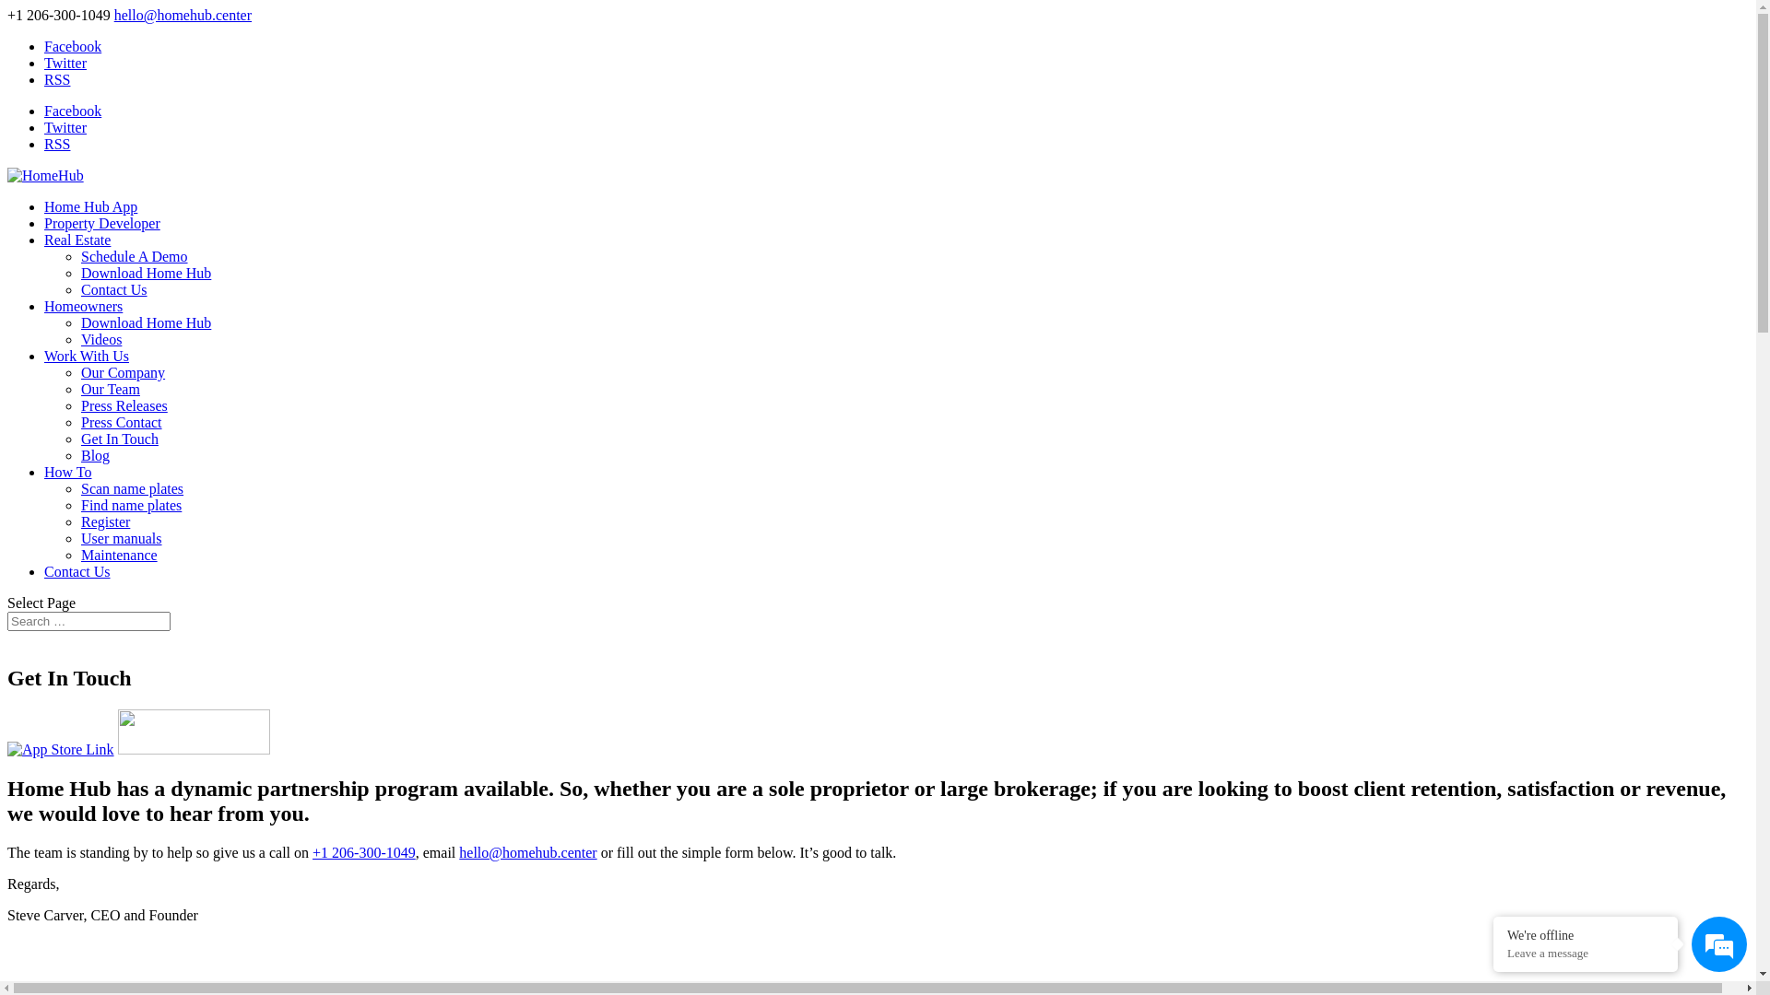  What do you see at coordinates (363, 852) in the screenshot?
I see `'+1 206-300-1049'` at bounding box center [363, 852].